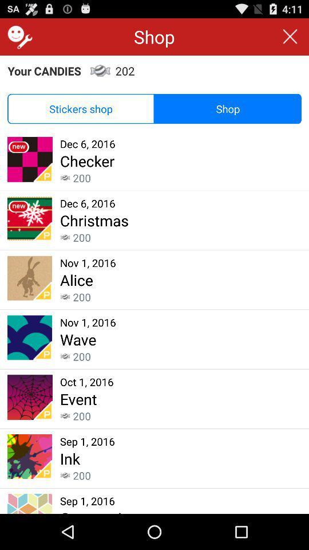 The image size is (309, 550). What do you see at coordinates (80, 109) in the screenshot?
I see `stickers shop icon` at bounding box center [80, 109].